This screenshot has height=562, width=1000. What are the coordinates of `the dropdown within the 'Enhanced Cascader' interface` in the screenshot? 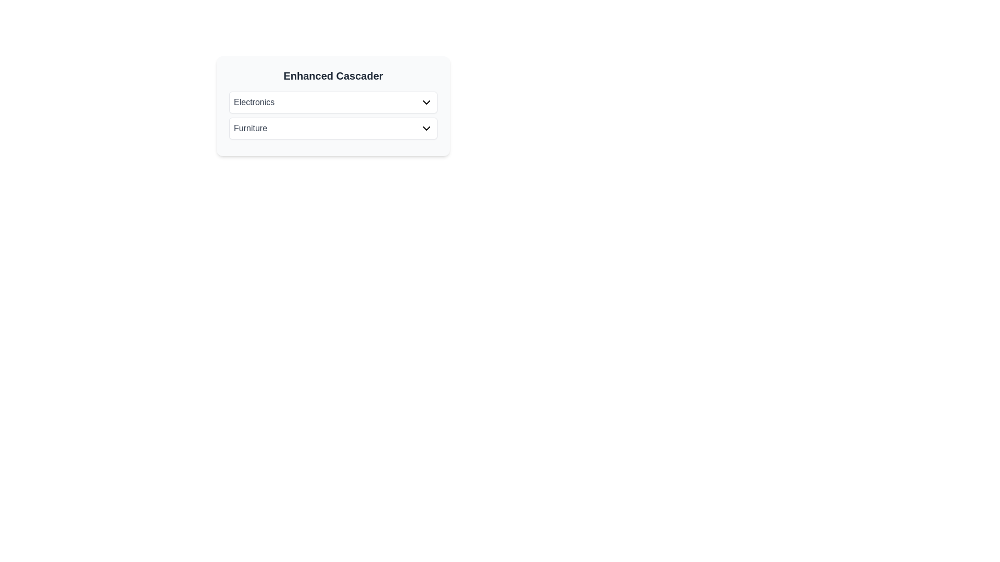 It's located at (332, 106).